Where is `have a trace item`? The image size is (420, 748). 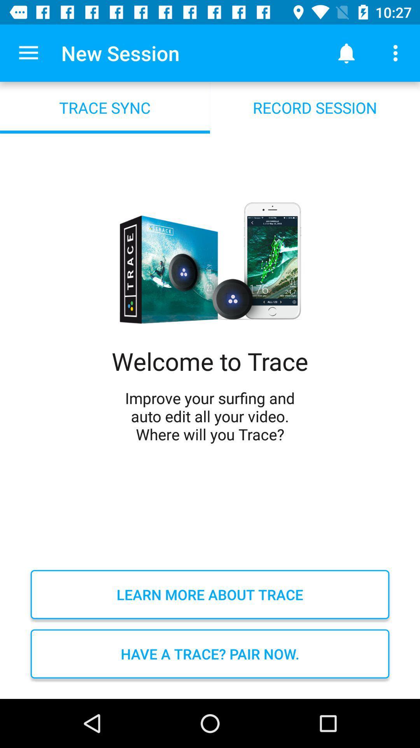 have a trace item is located at coordinates (210, 654).